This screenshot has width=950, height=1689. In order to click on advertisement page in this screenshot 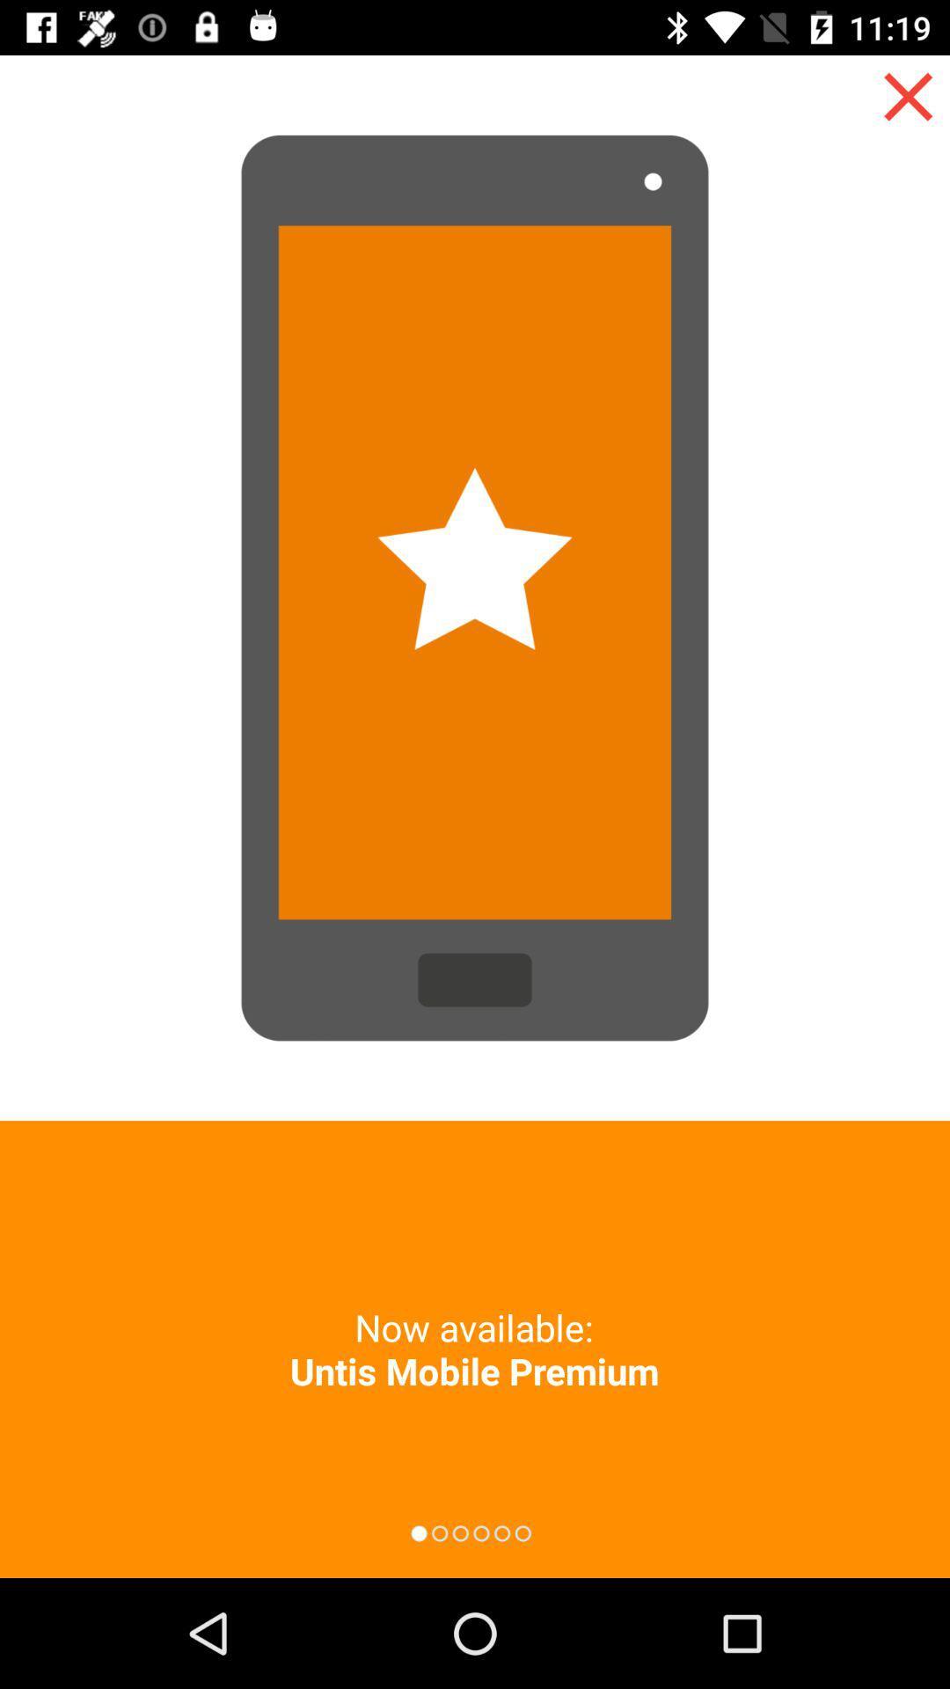, I will do `click(908, 96)`.